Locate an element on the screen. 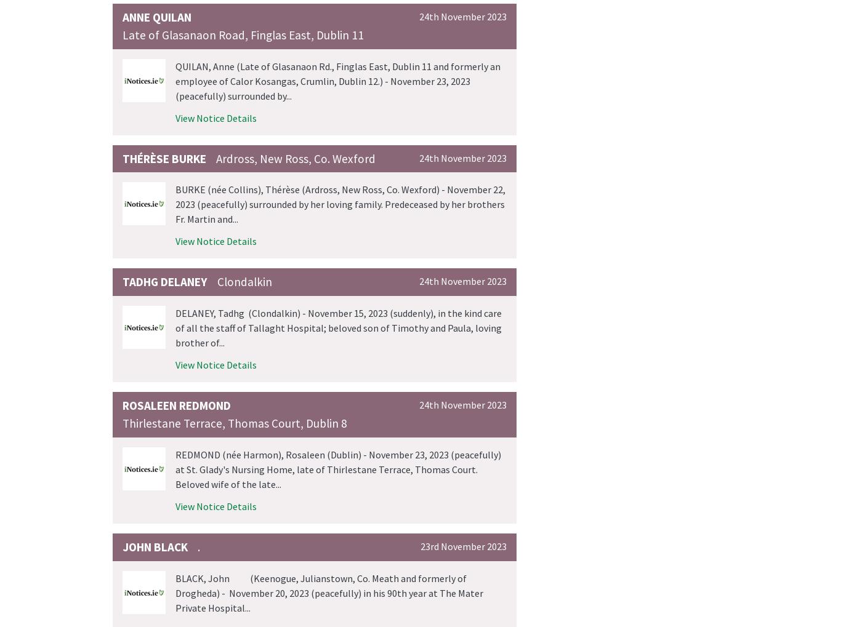  'Thirlestane Terrace, Thomas Court, Dublin 8' is located at coordinates (234, 422).